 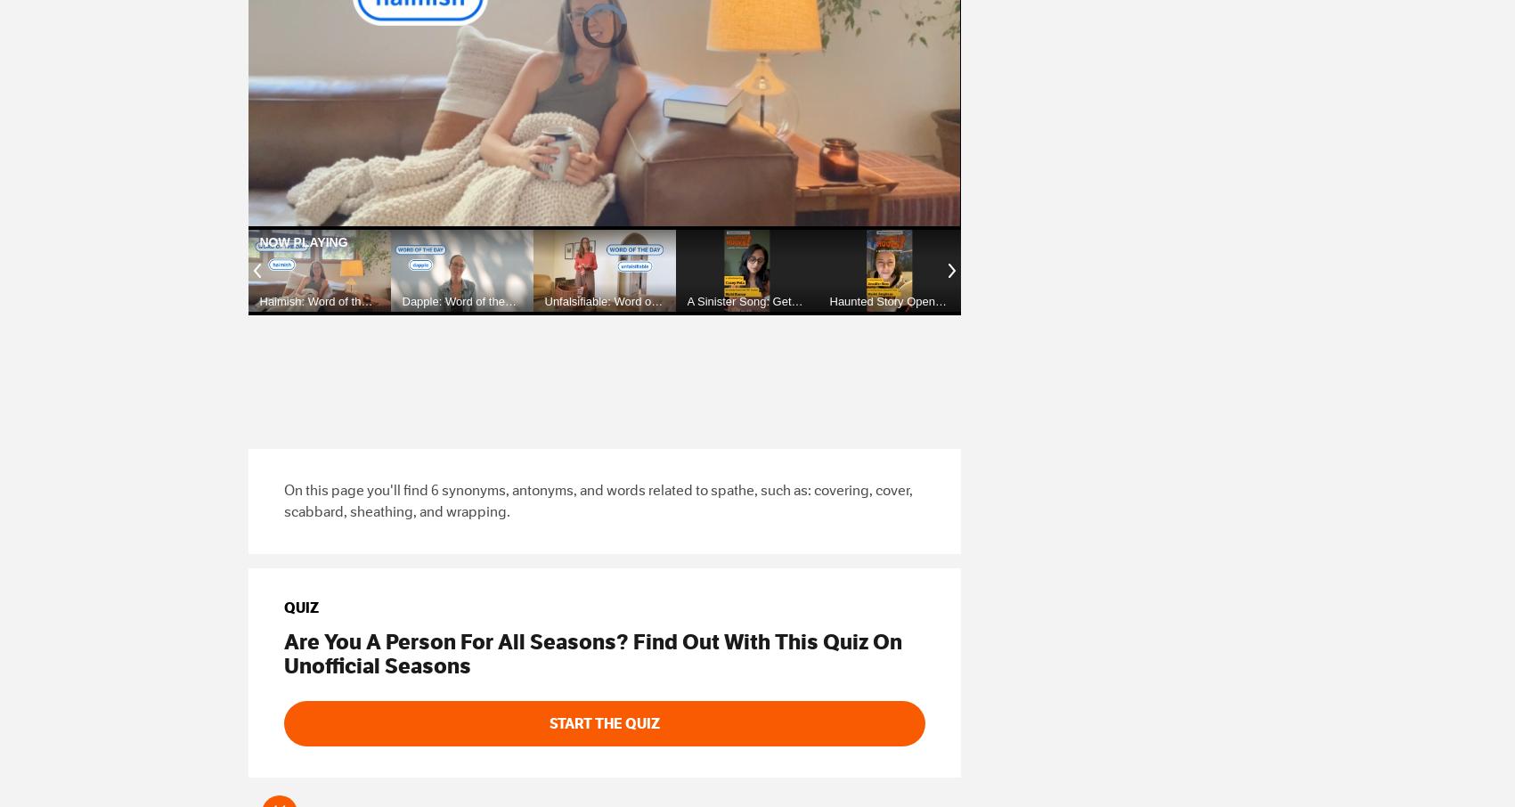 I want to click on 'Haunted Story Opener: A Boy Band Boo!', so click(x=827, y=307).